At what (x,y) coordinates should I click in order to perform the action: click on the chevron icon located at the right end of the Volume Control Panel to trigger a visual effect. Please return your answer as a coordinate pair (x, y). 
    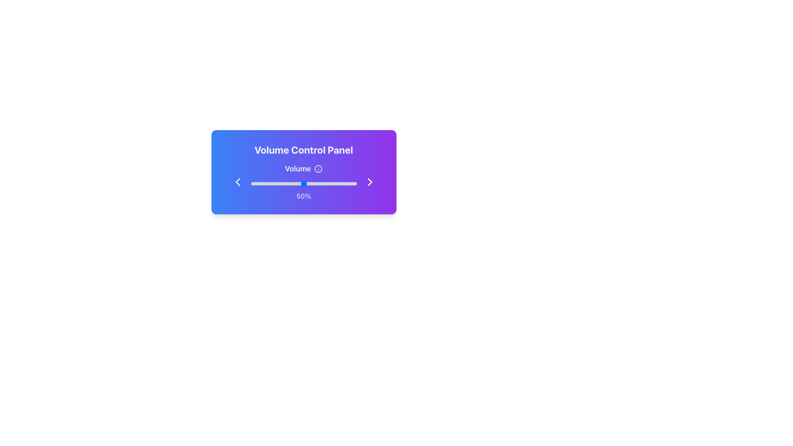
    Looking at the image, I should click on (369, 181).